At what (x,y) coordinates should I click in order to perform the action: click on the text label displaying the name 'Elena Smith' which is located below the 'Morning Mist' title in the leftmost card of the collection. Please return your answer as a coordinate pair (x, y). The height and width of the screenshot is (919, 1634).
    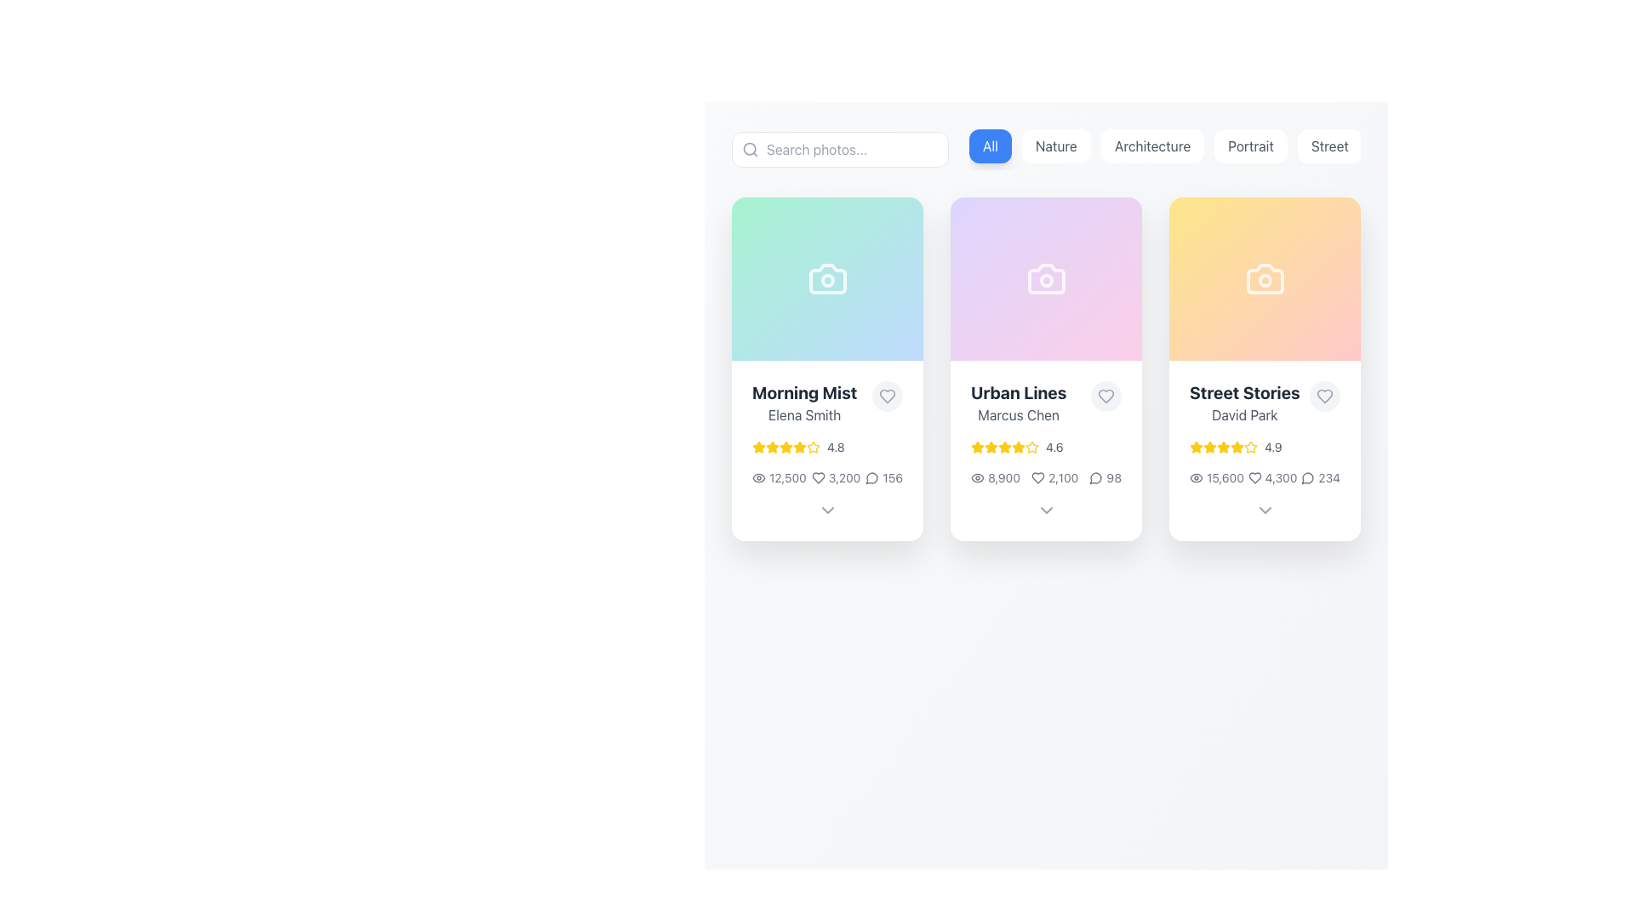
    Looking at the image, I should click on (803, 415).